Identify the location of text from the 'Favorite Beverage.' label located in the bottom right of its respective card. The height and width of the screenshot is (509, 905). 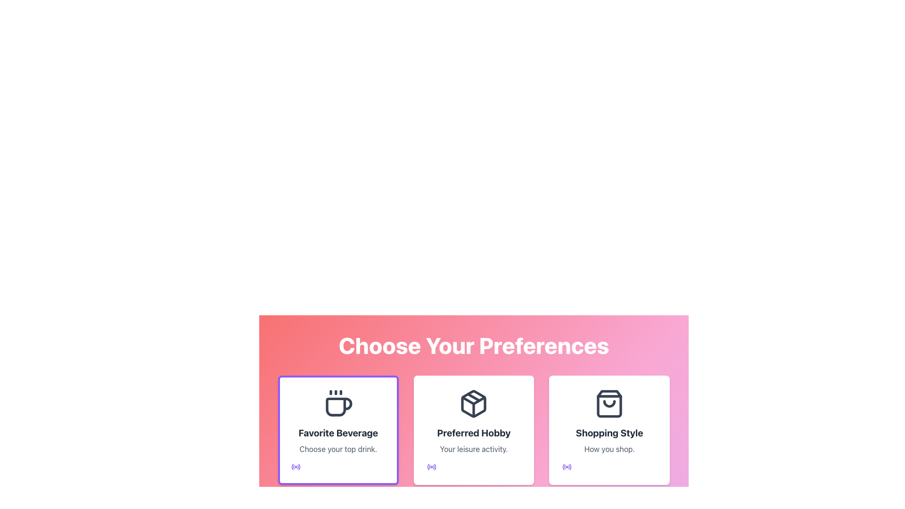
(338, 433).